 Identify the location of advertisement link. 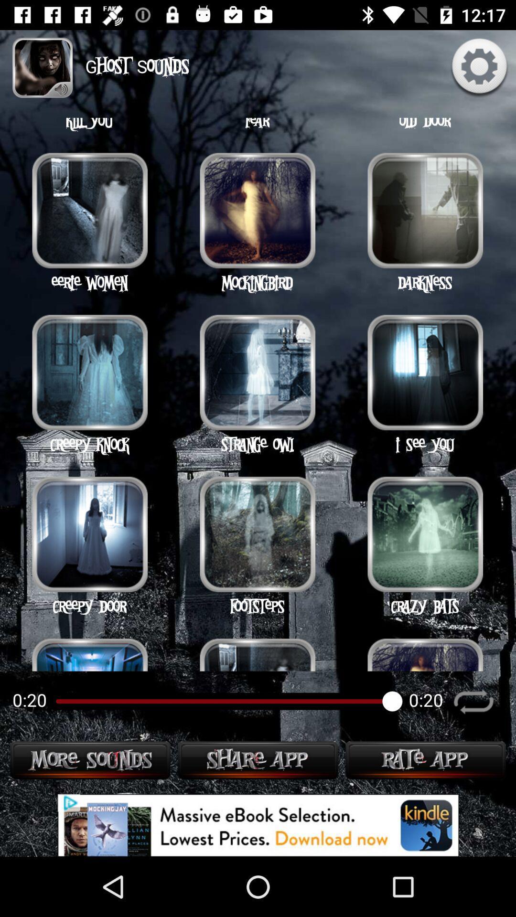
(258, 825).